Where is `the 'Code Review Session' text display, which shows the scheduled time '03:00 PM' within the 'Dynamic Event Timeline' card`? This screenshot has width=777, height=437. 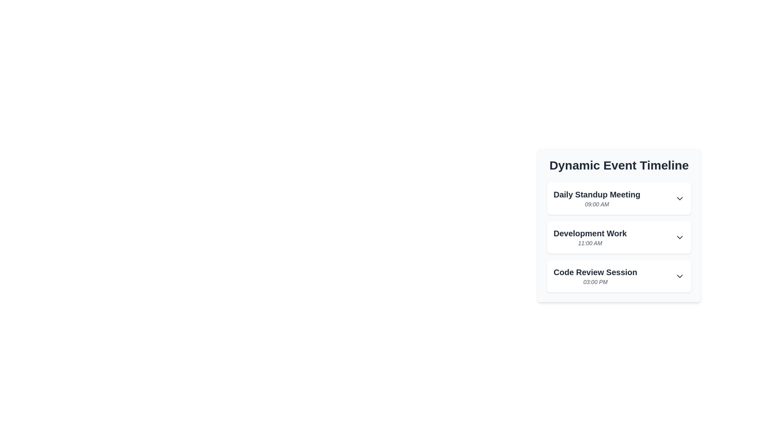
the 'Code Review Session' text display, which shows the scheduled time '03:00 PM' within the 'Dynamic Event Timeline' card is located at coordinates (595, 276).